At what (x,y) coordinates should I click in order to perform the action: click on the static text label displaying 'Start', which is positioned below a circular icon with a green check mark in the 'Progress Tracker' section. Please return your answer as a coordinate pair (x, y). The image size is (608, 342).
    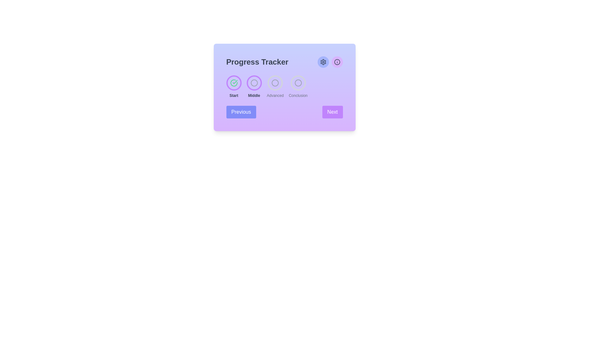
    Looking at the image, I should click on (233, 95).